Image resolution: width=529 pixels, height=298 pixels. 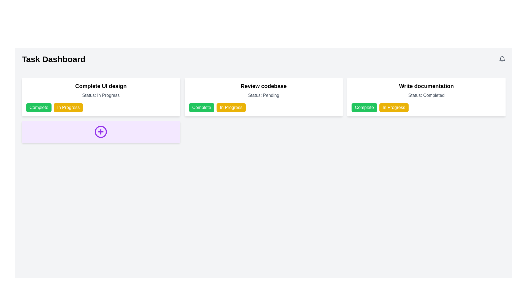 What do you see at coordinates (201, 107) in the screenshot?
I see `the green button labeled 'Complete' located in the 'Review codebase' task card` at bounding box center [201, 107].